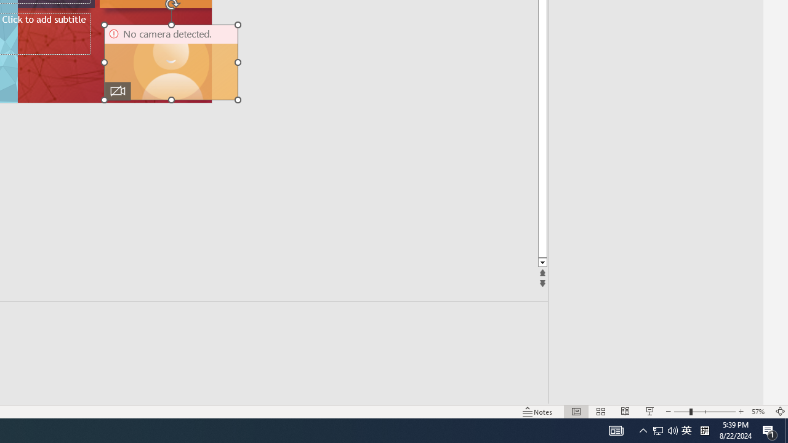 The image size is (788, 443). I want to click on 'Reading View', so click(625, 412).